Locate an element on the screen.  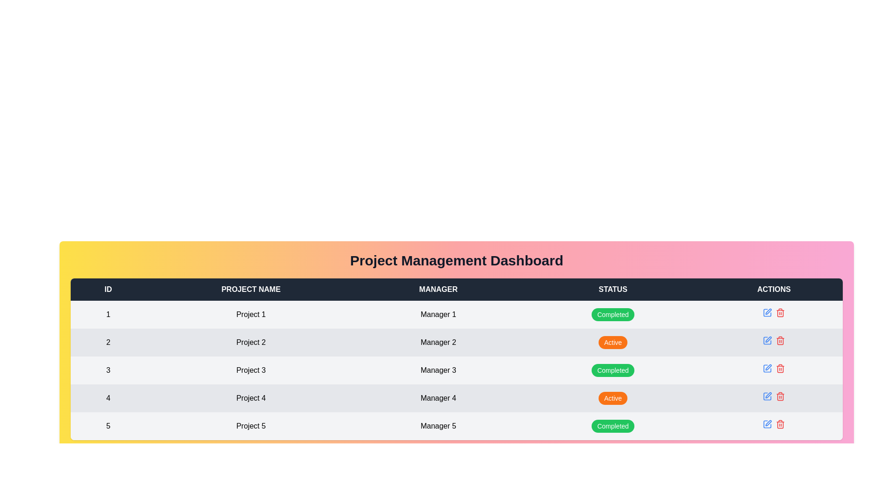
text from the text label displaying 'Project Management Dashboard', which is bold and large against a colorful gradient background is located at coordinates (457, 260).